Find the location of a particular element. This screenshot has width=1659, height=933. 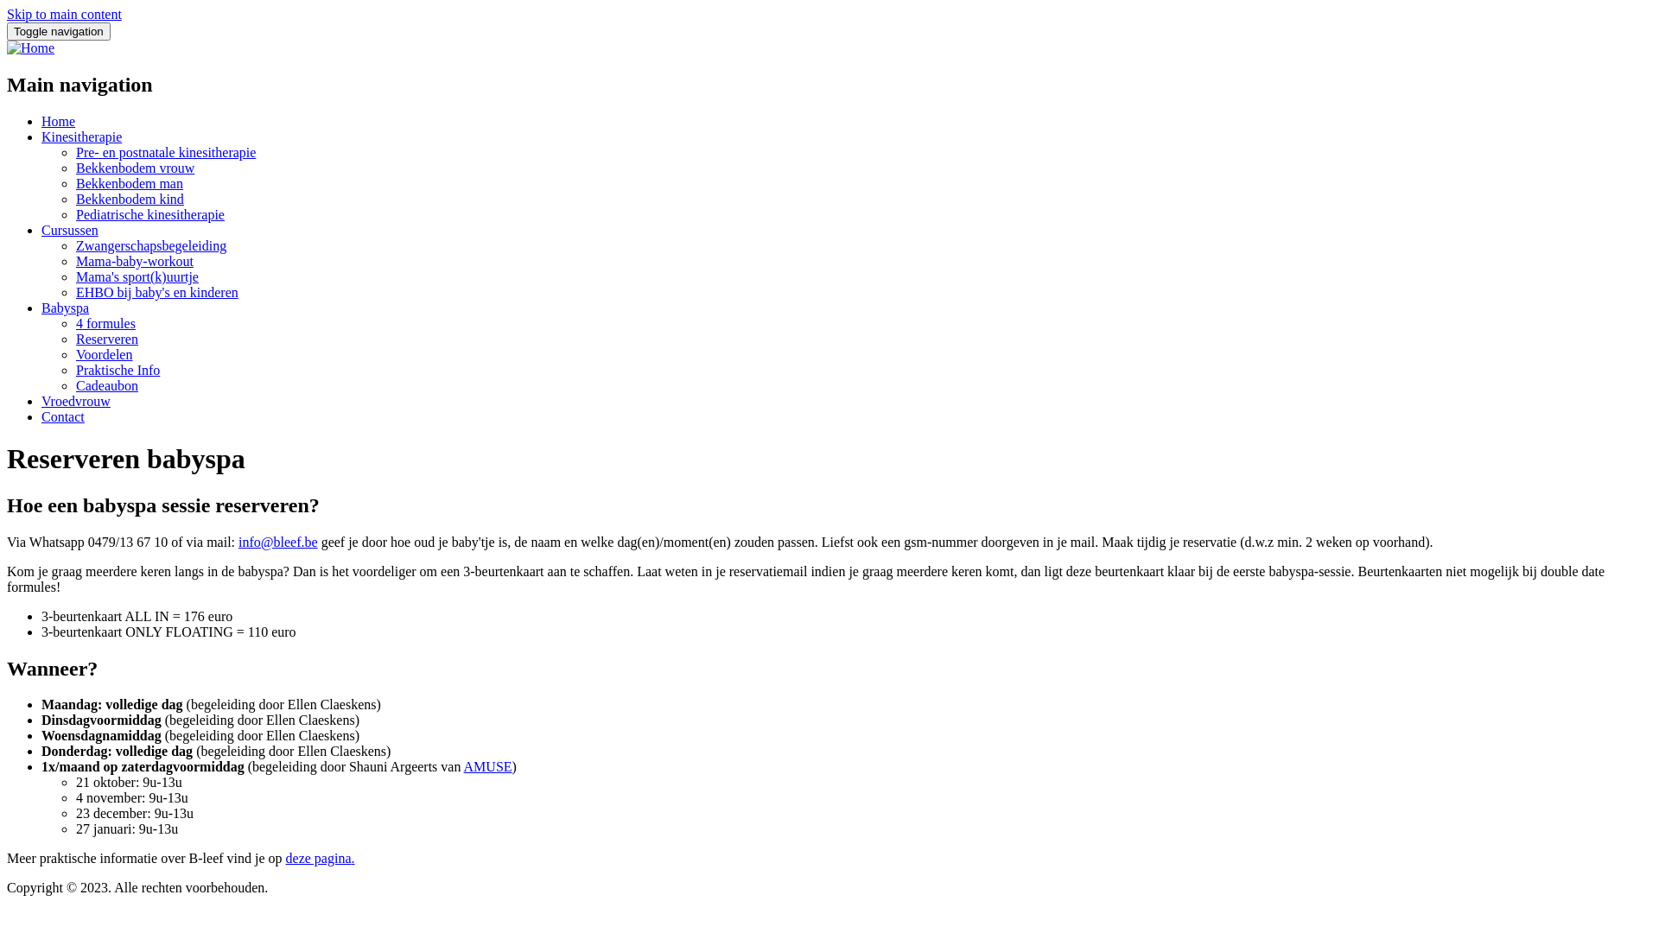

'Voordelen' is located at coordinates (103, 353).